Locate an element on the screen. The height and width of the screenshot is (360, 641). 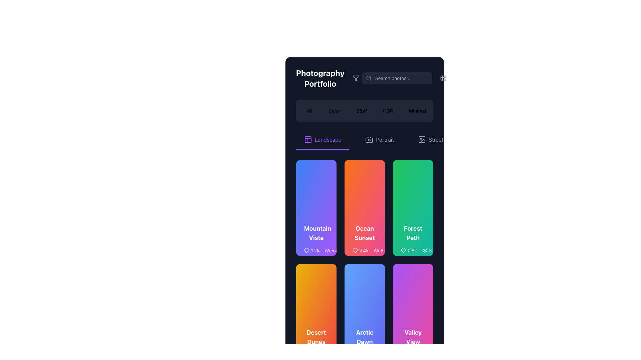
the static text label displaying '8.2k', which is styled with the class 'text-sm' and is associated with an eye-like icon, located at the bottom of the 'Ocean Sunset' card is located at coordinates (385, 251).